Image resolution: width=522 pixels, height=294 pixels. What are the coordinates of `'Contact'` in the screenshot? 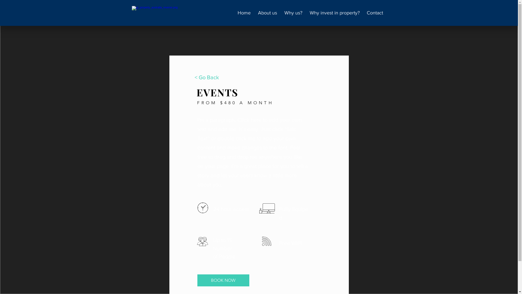 It's located at (362, 13).